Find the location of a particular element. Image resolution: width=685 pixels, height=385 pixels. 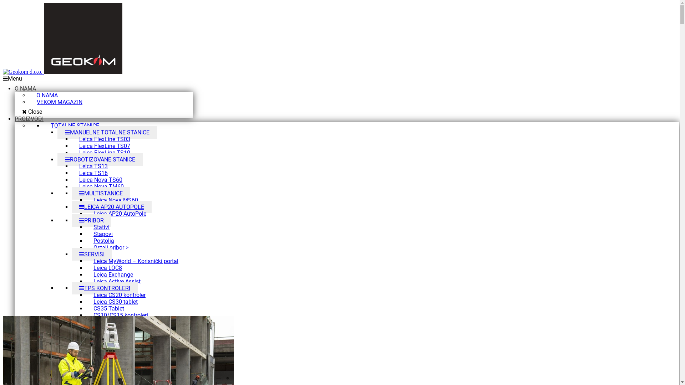

'Leica FlexLine TS03' is located at coordinates (104, 139).